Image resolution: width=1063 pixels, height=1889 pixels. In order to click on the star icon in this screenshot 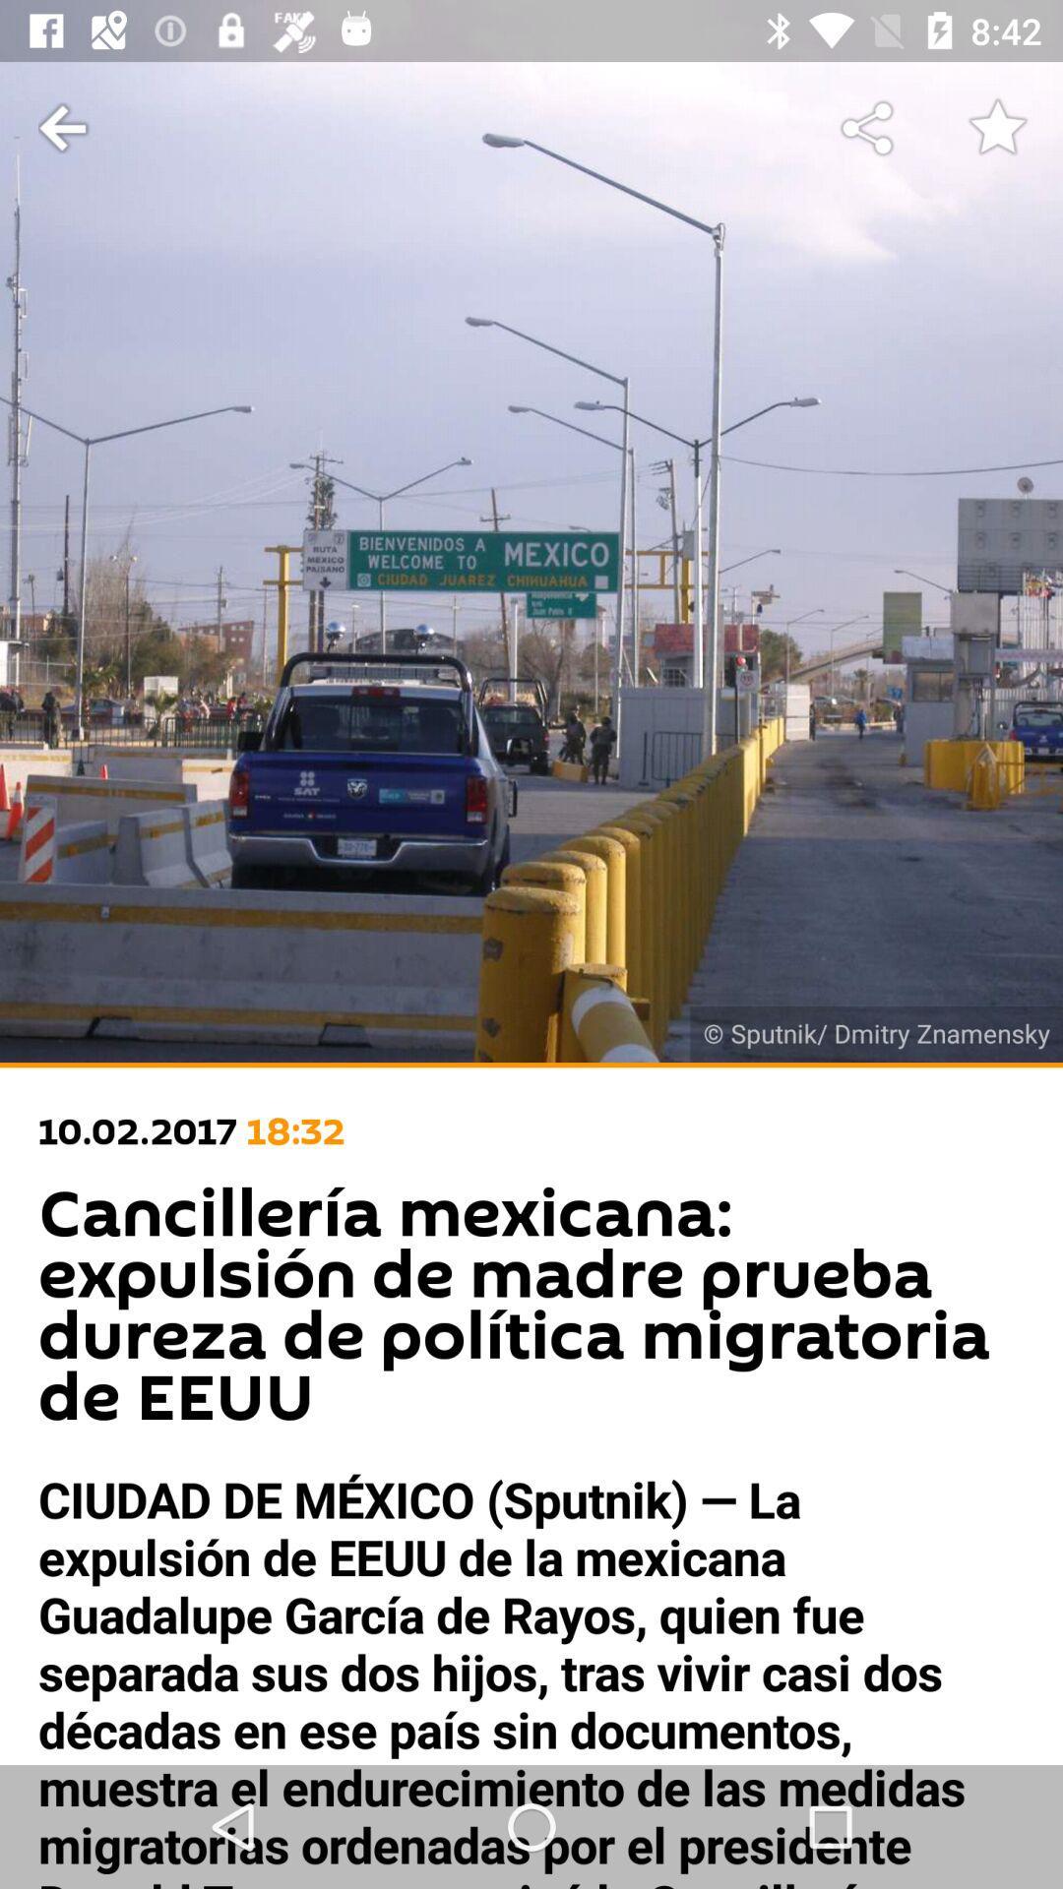, I will do `click(998, 128)`.